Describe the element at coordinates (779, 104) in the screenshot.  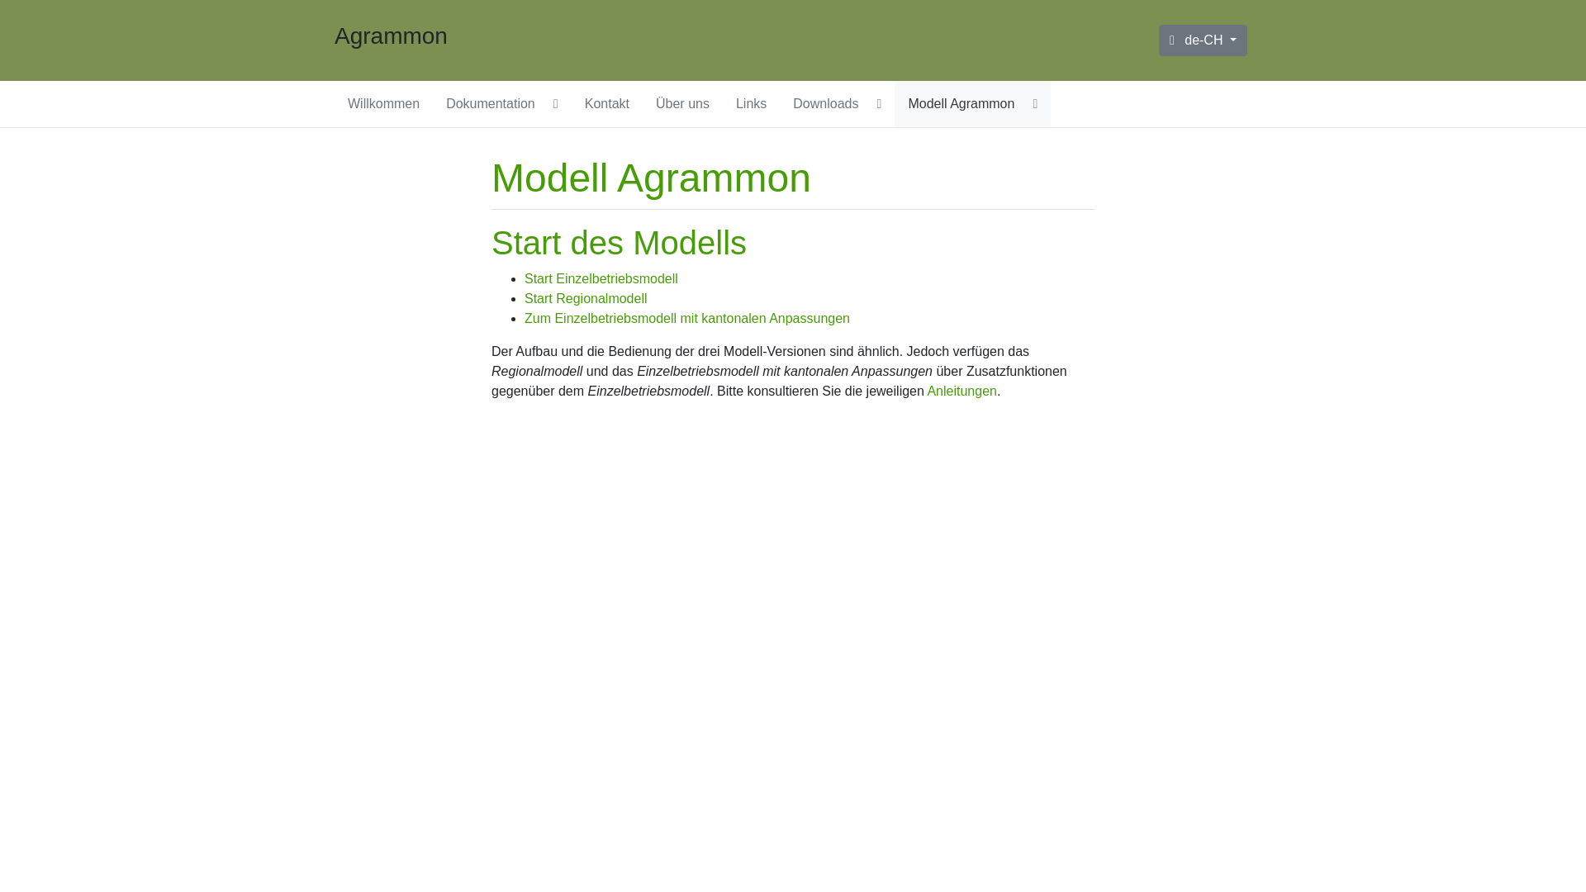
I see `'Downloads'` at that location.